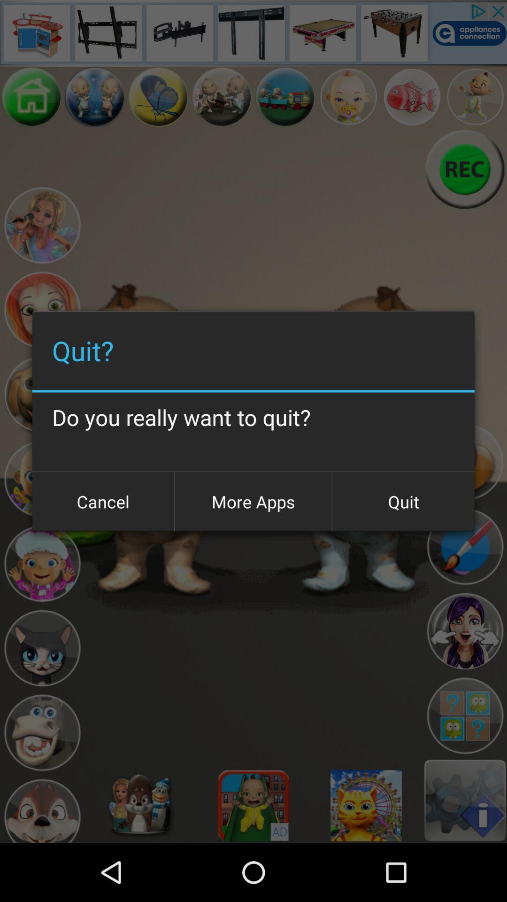  I want to click on the edit icon, so click(465, 584).